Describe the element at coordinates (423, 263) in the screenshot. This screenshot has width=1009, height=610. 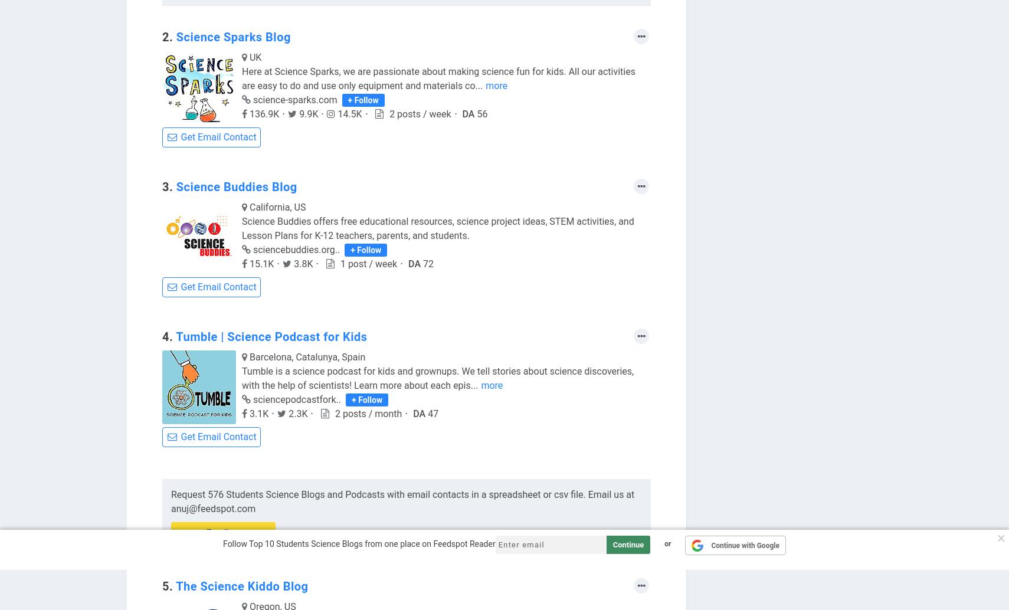
I see `'72'` at that location.